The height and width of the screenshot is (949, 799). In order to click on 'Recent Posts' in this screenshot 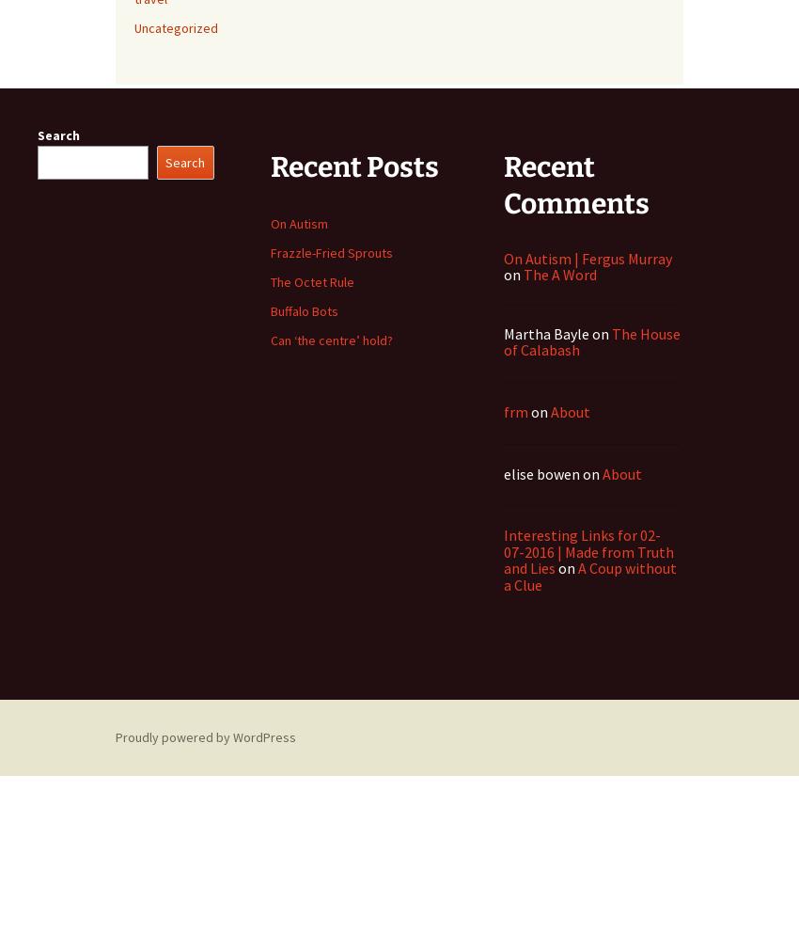, I will do `click(353, 165)`.